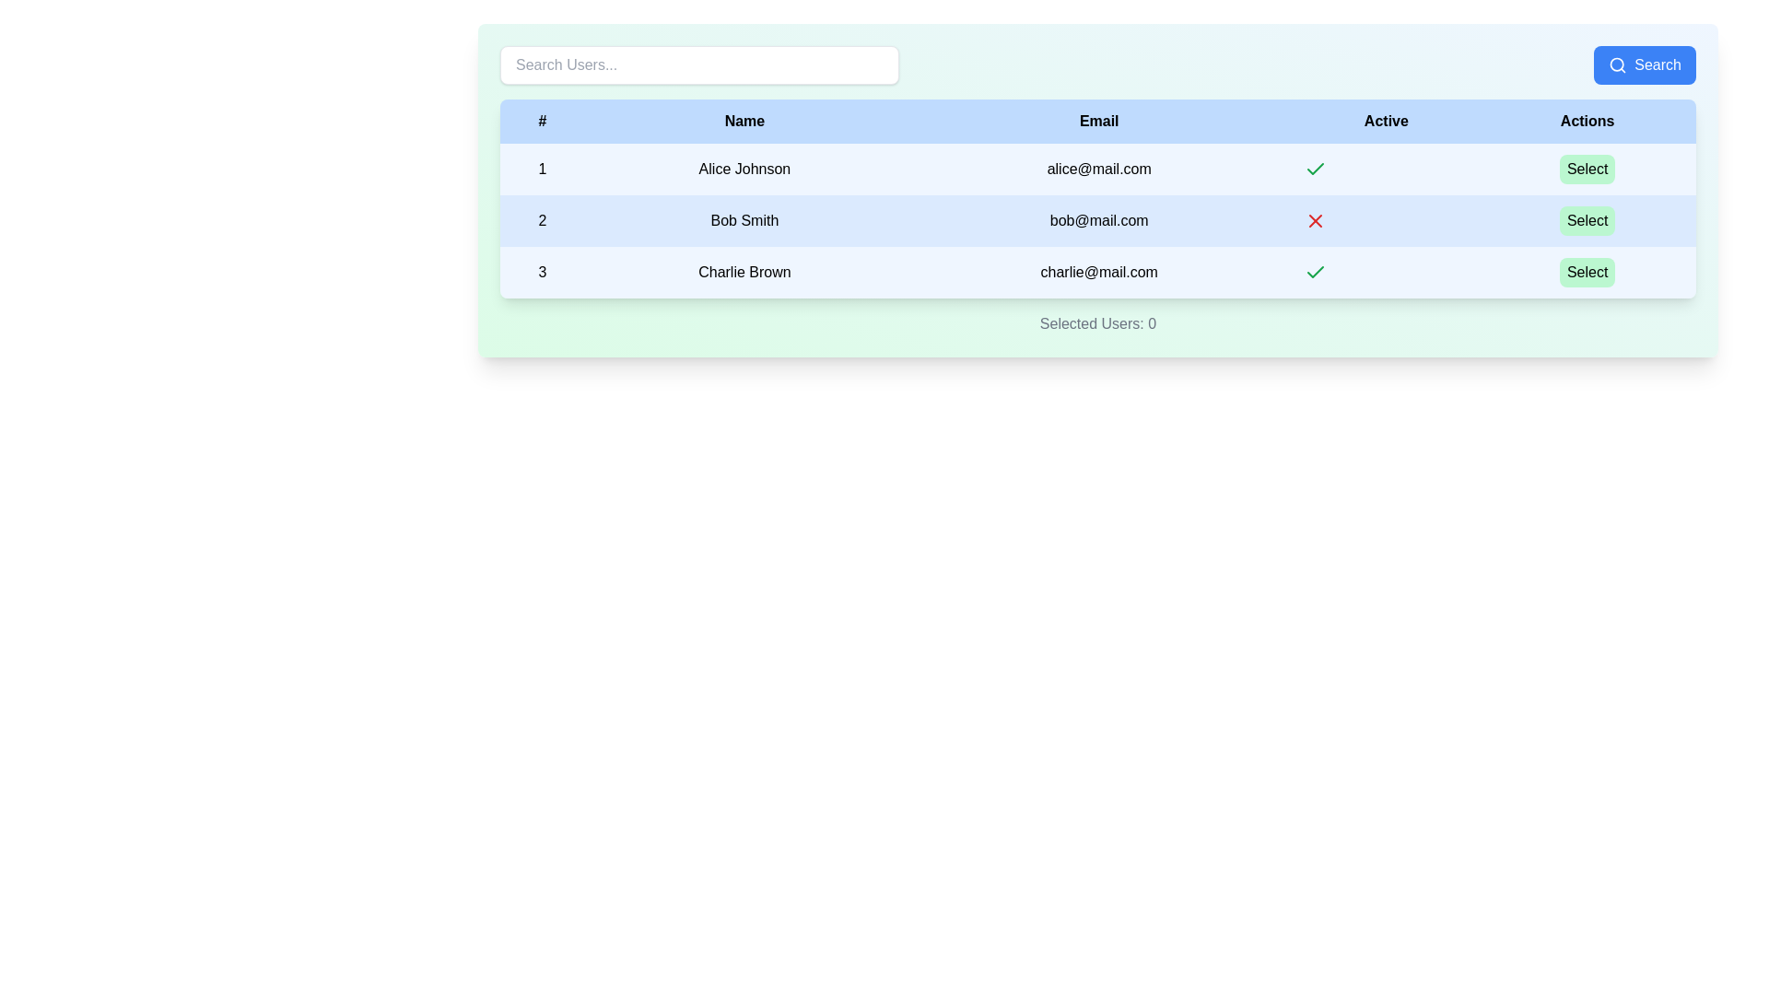  Describe the element at coordinates (1587, 273) in the screenshot. I see `the 'Select' button with a green background and rounded corners, located in the rightmost column of the third row of the table, aligned with 'Charlie Brown' and 'charlie@mail.com', to interact` at that location.